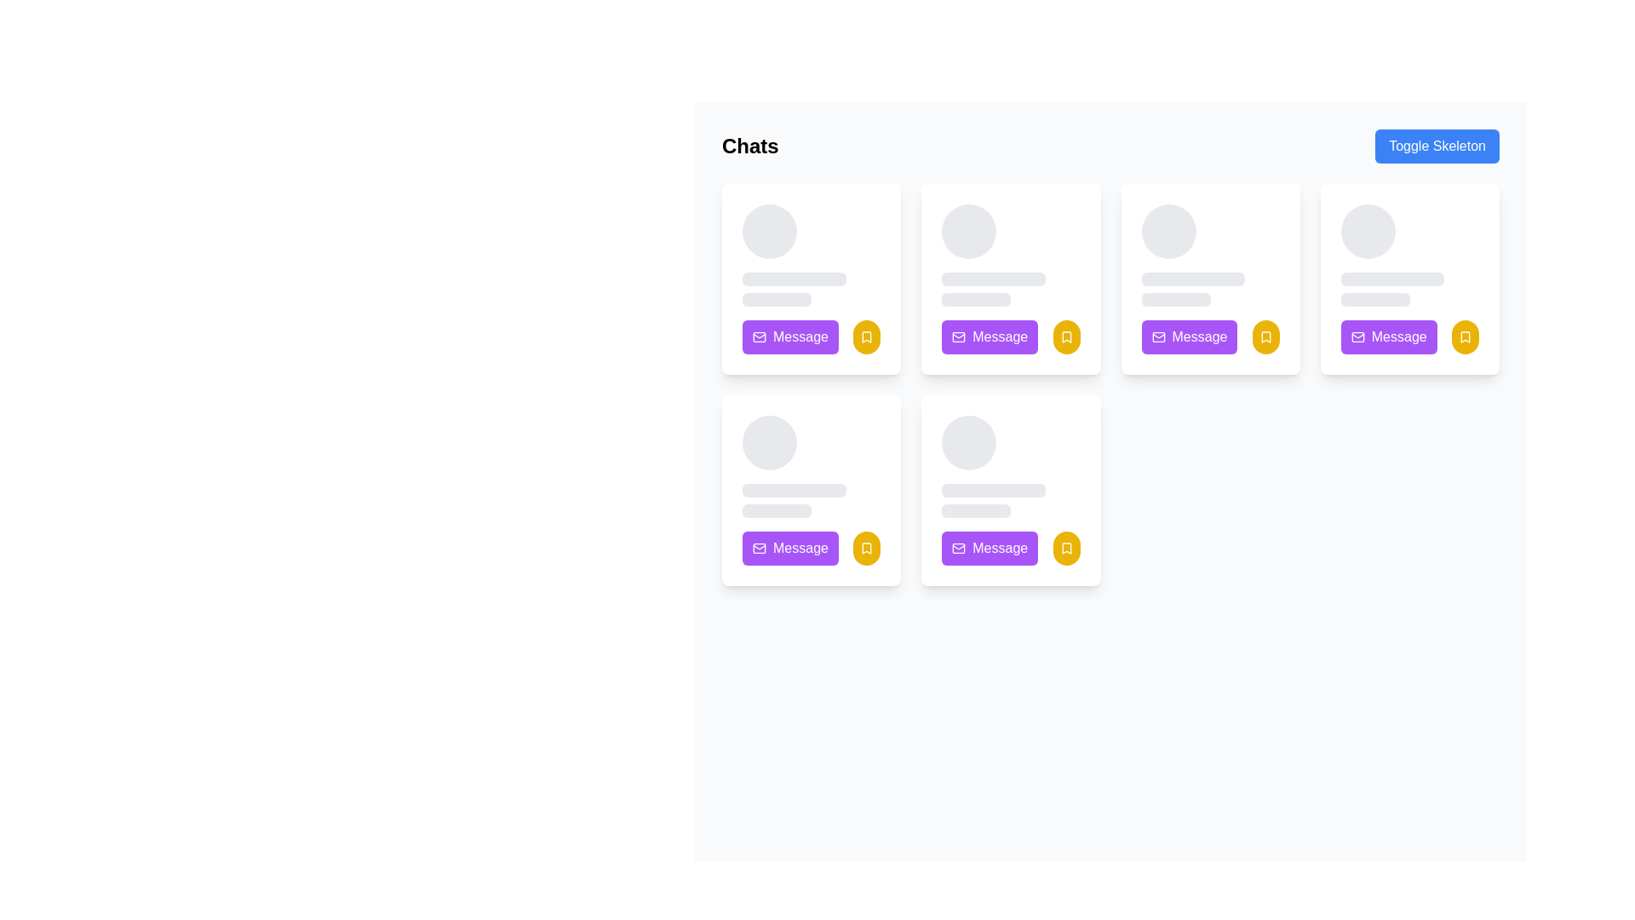 This screenshot has width=1635, height=920. I want to click on the Skeleton Placeholder, which is a narrow horizontal rectangle with rounded ends, located beneath two other placeholder elements in a card-like UI component, so click(976, 298).